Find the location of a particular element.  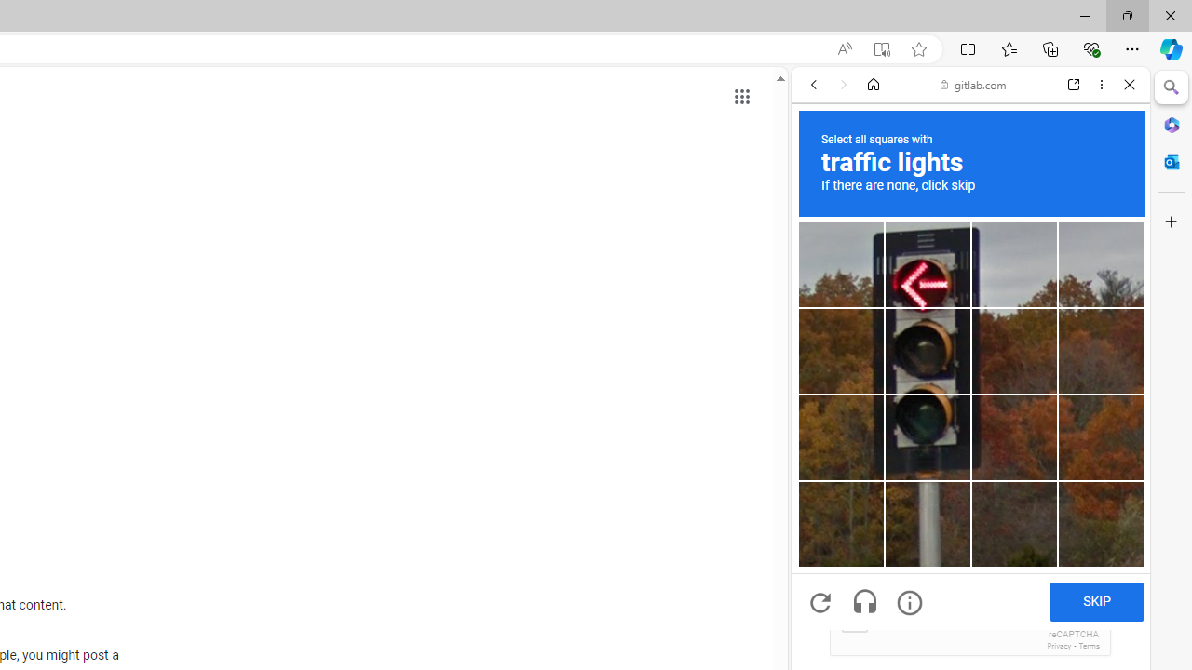

'GitLab' is located at coordinates (963, 268).